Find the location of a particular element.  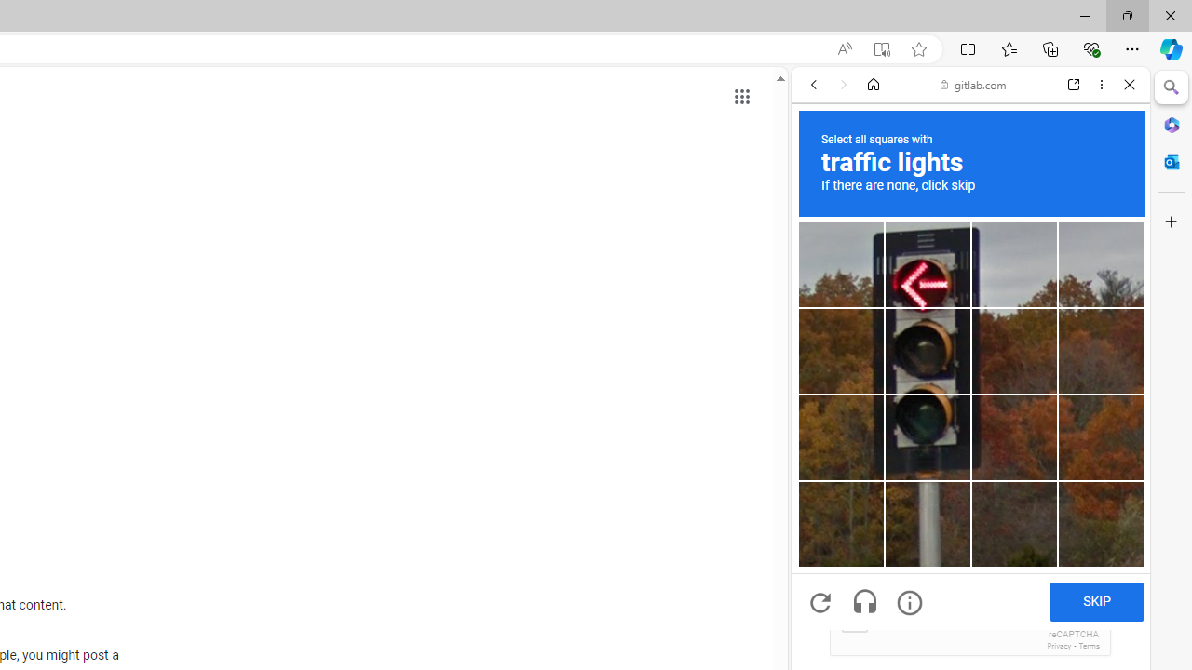

'GitLab' is located at coordinates (963, 268).